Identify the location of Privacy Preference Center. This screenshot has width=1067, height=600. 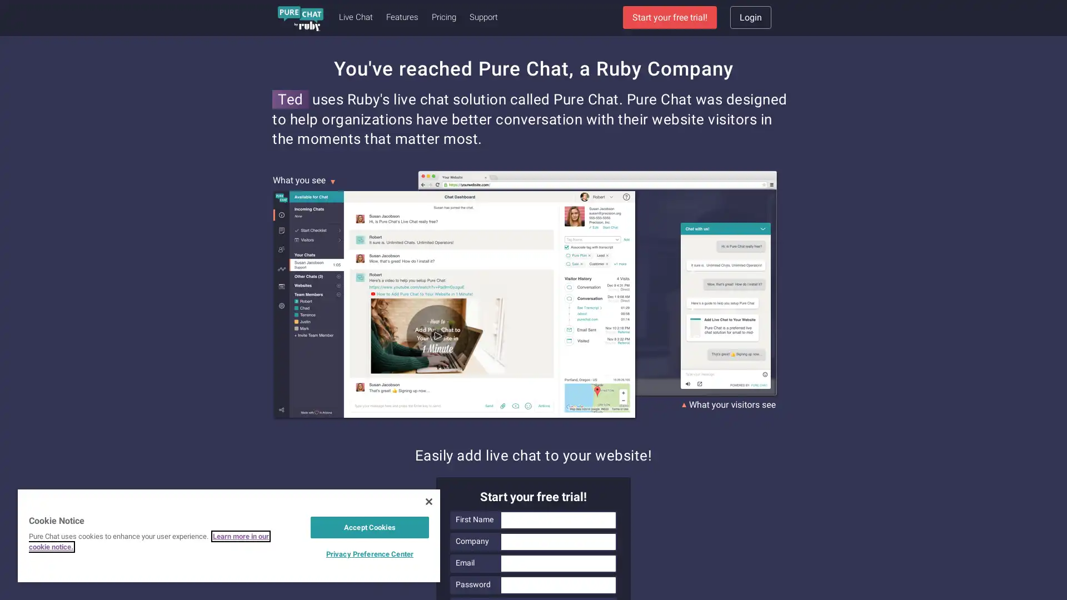
(369, 553).